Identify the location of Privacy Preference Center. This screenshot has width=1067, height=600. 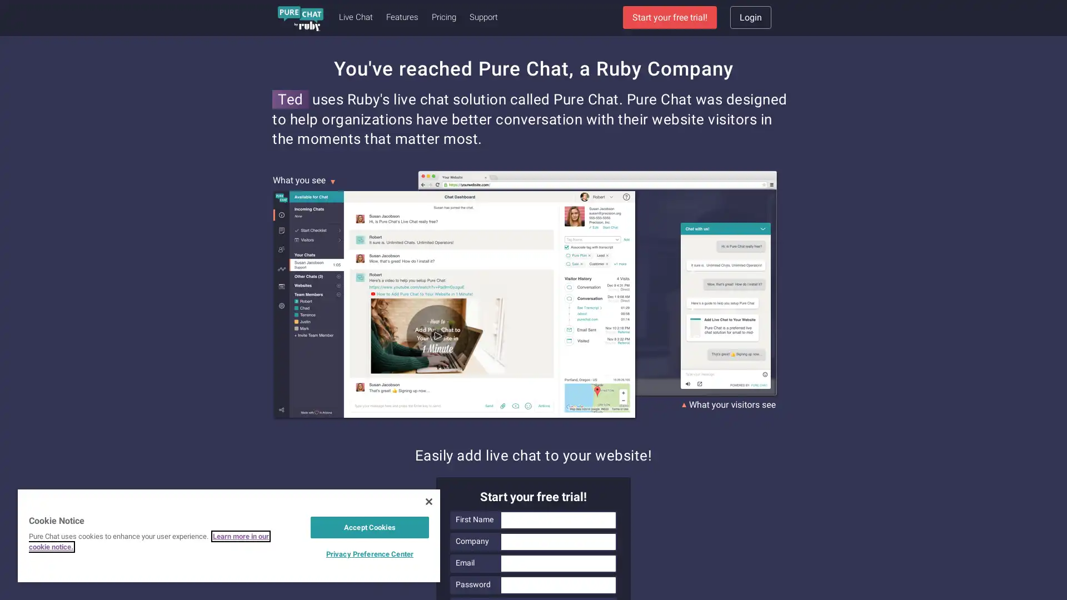
(369, 553).